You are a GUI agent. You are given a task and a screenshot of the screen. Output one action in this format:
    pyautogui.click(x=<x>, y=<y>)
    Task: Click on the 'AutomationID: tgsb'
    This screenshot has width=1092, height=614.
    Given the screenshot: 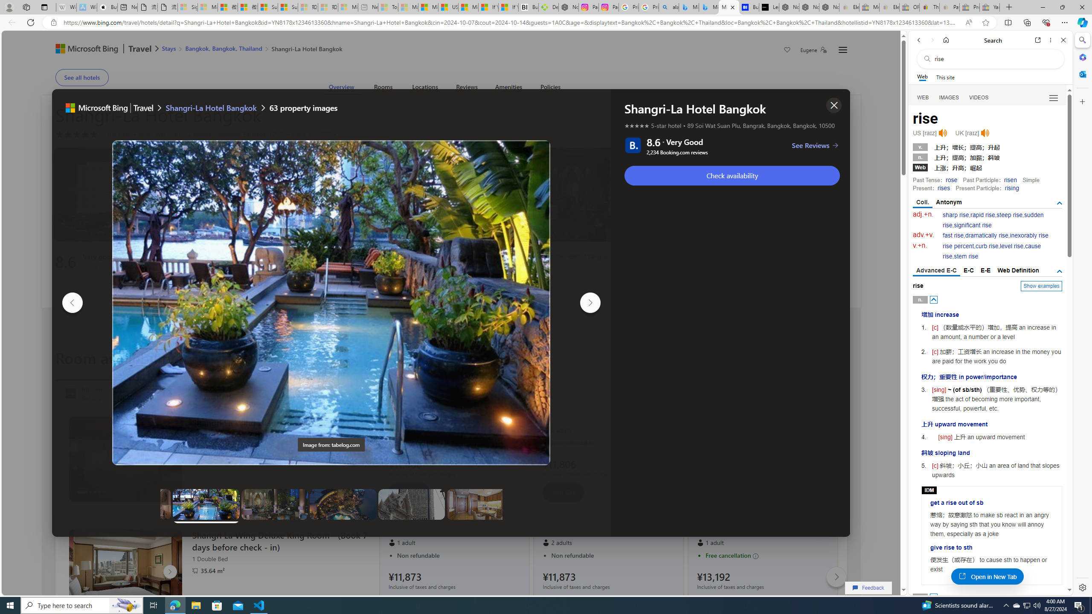 What is the action you would take?
    pyautogui.click(x=1059, y=203)
    